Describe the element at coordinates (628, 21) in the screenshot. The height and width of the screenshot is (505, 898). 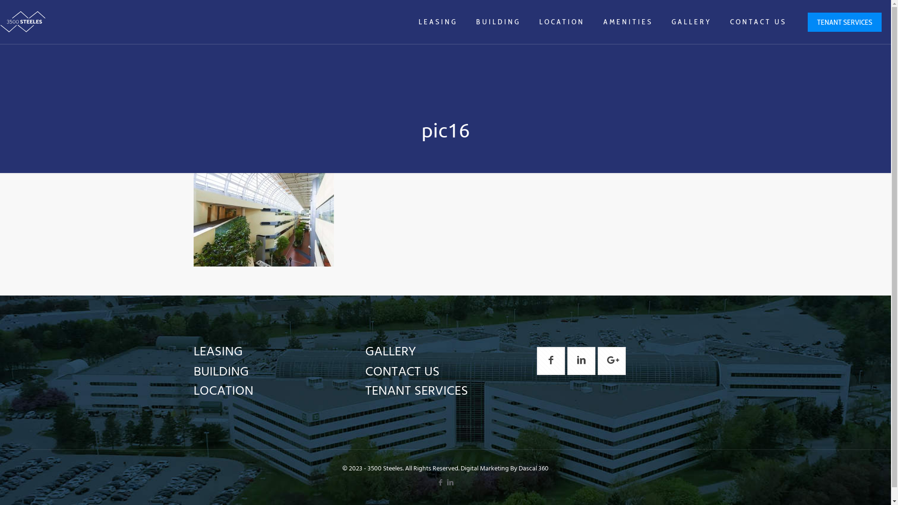
I see `'AMENITIES'` at that location.